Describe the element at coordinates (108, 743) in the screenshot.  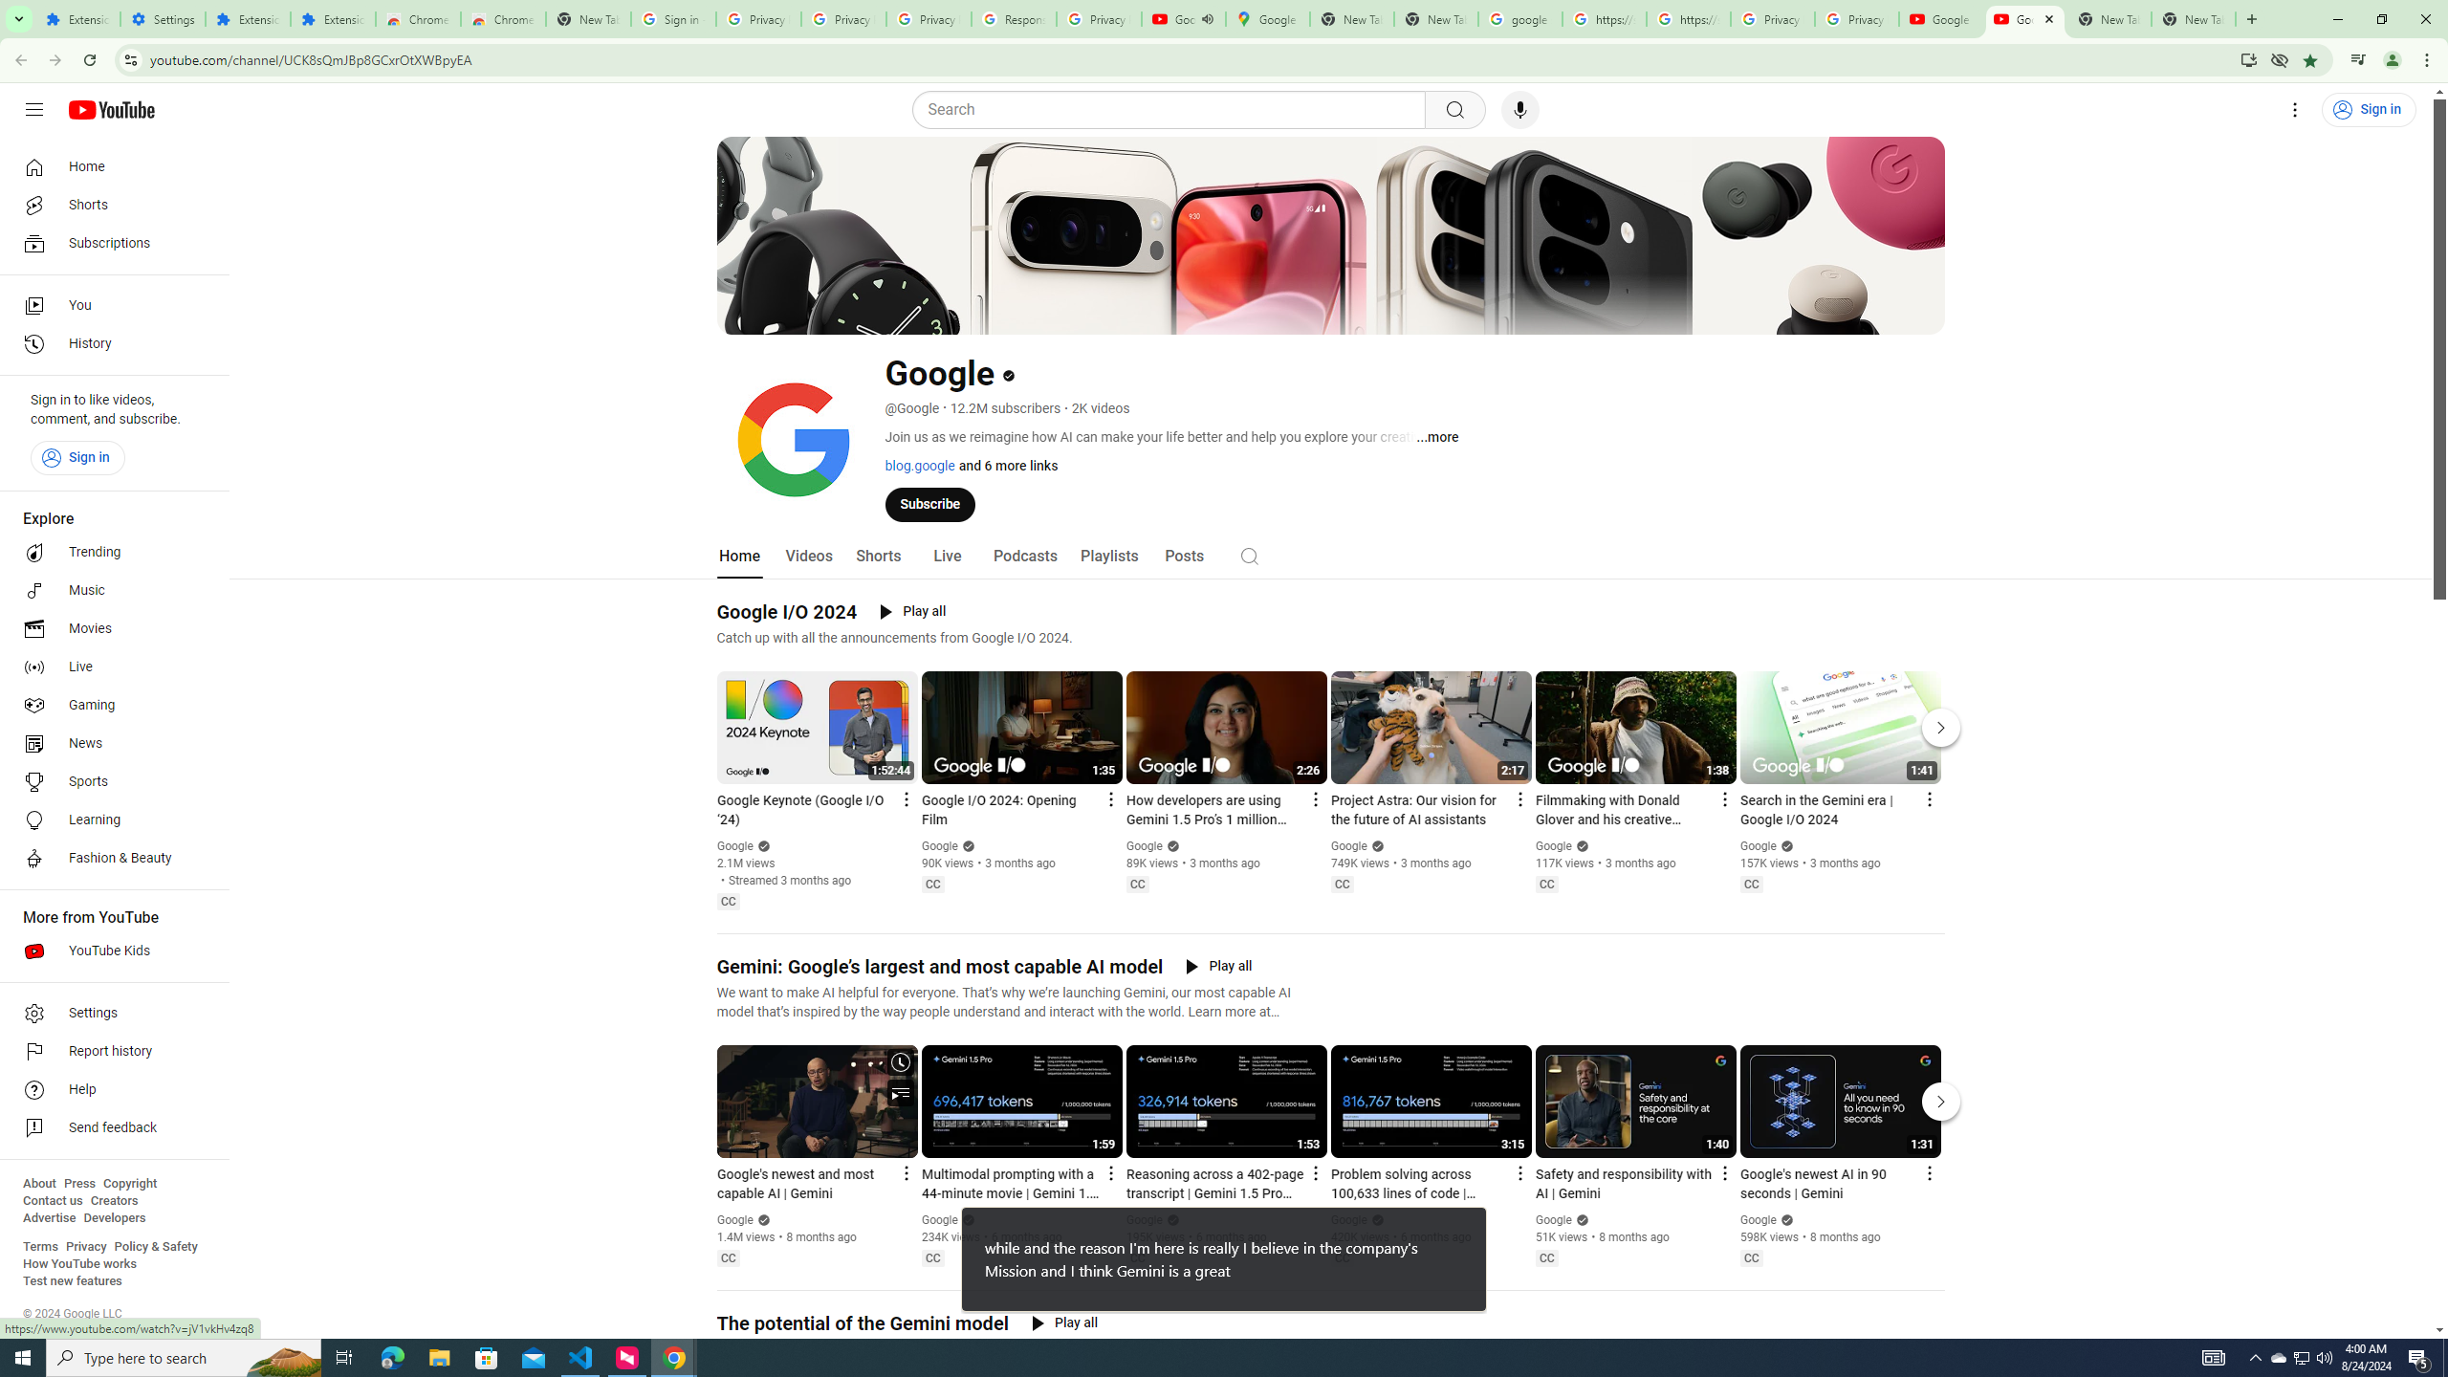
I see `'News'` at that location.